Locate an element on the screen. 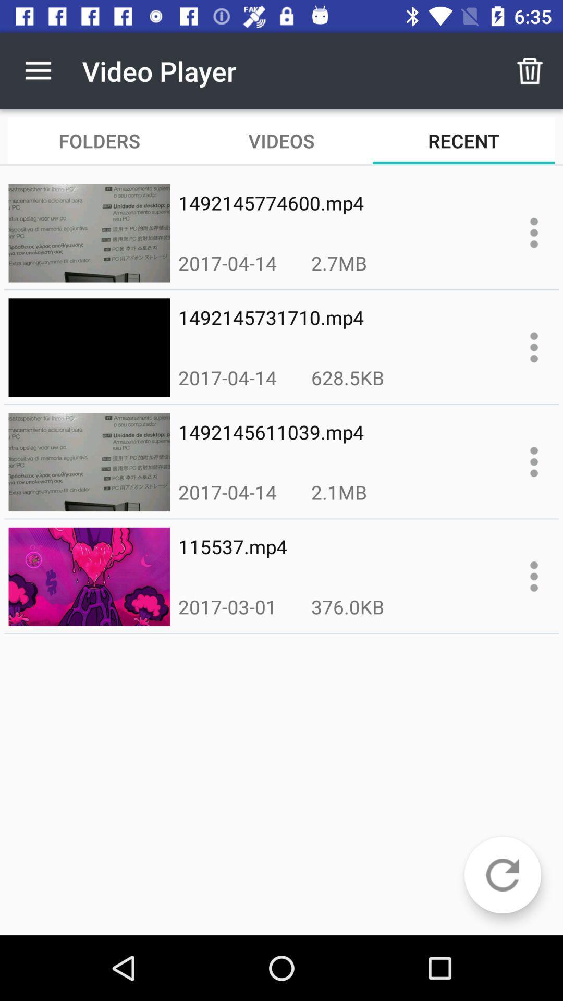  click for more options is located at coordinates (534, 576).